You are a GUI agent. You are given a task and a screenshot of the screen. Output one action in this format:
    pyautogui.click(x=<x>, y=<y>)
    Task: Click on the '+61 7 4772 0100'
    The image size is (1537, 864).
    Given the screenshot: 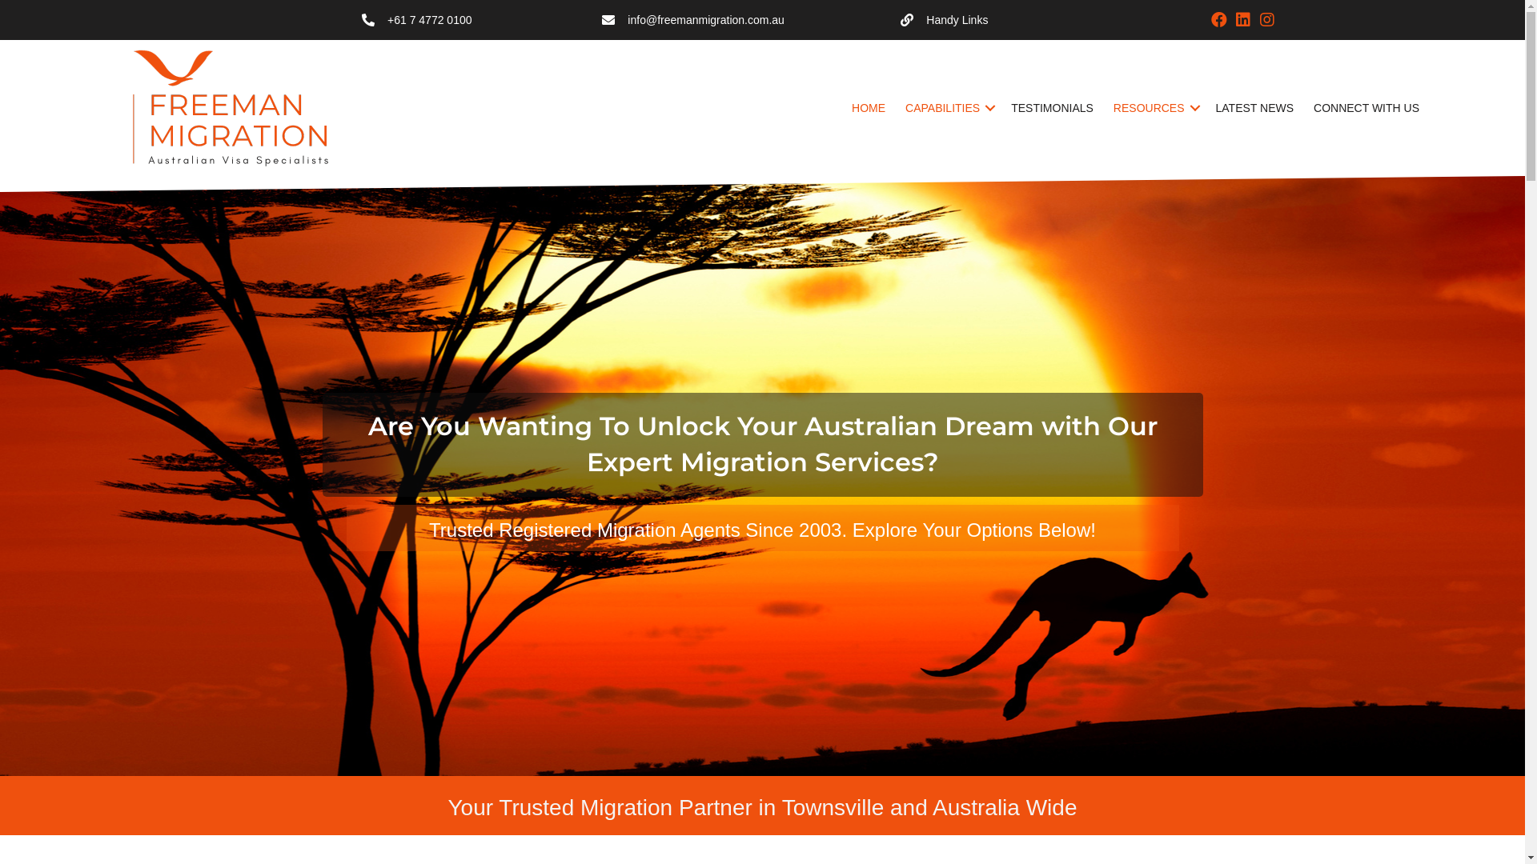 What is the action you would take?
    pyautogui.click(x=430, y=19)
    